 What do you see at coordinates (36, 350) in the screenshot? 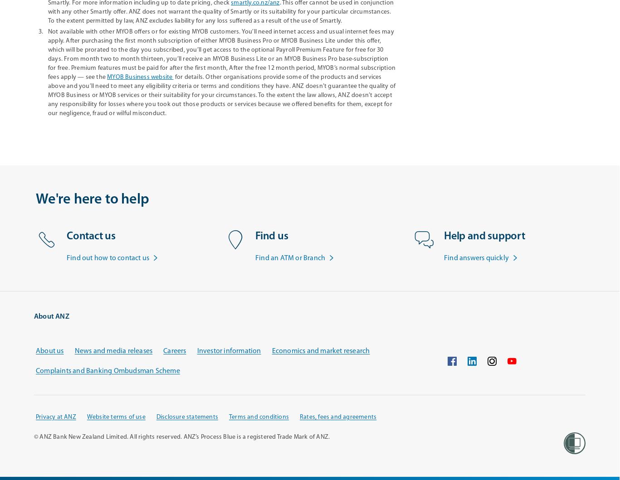
I see `'About us'` at bounding box center [36, 350].